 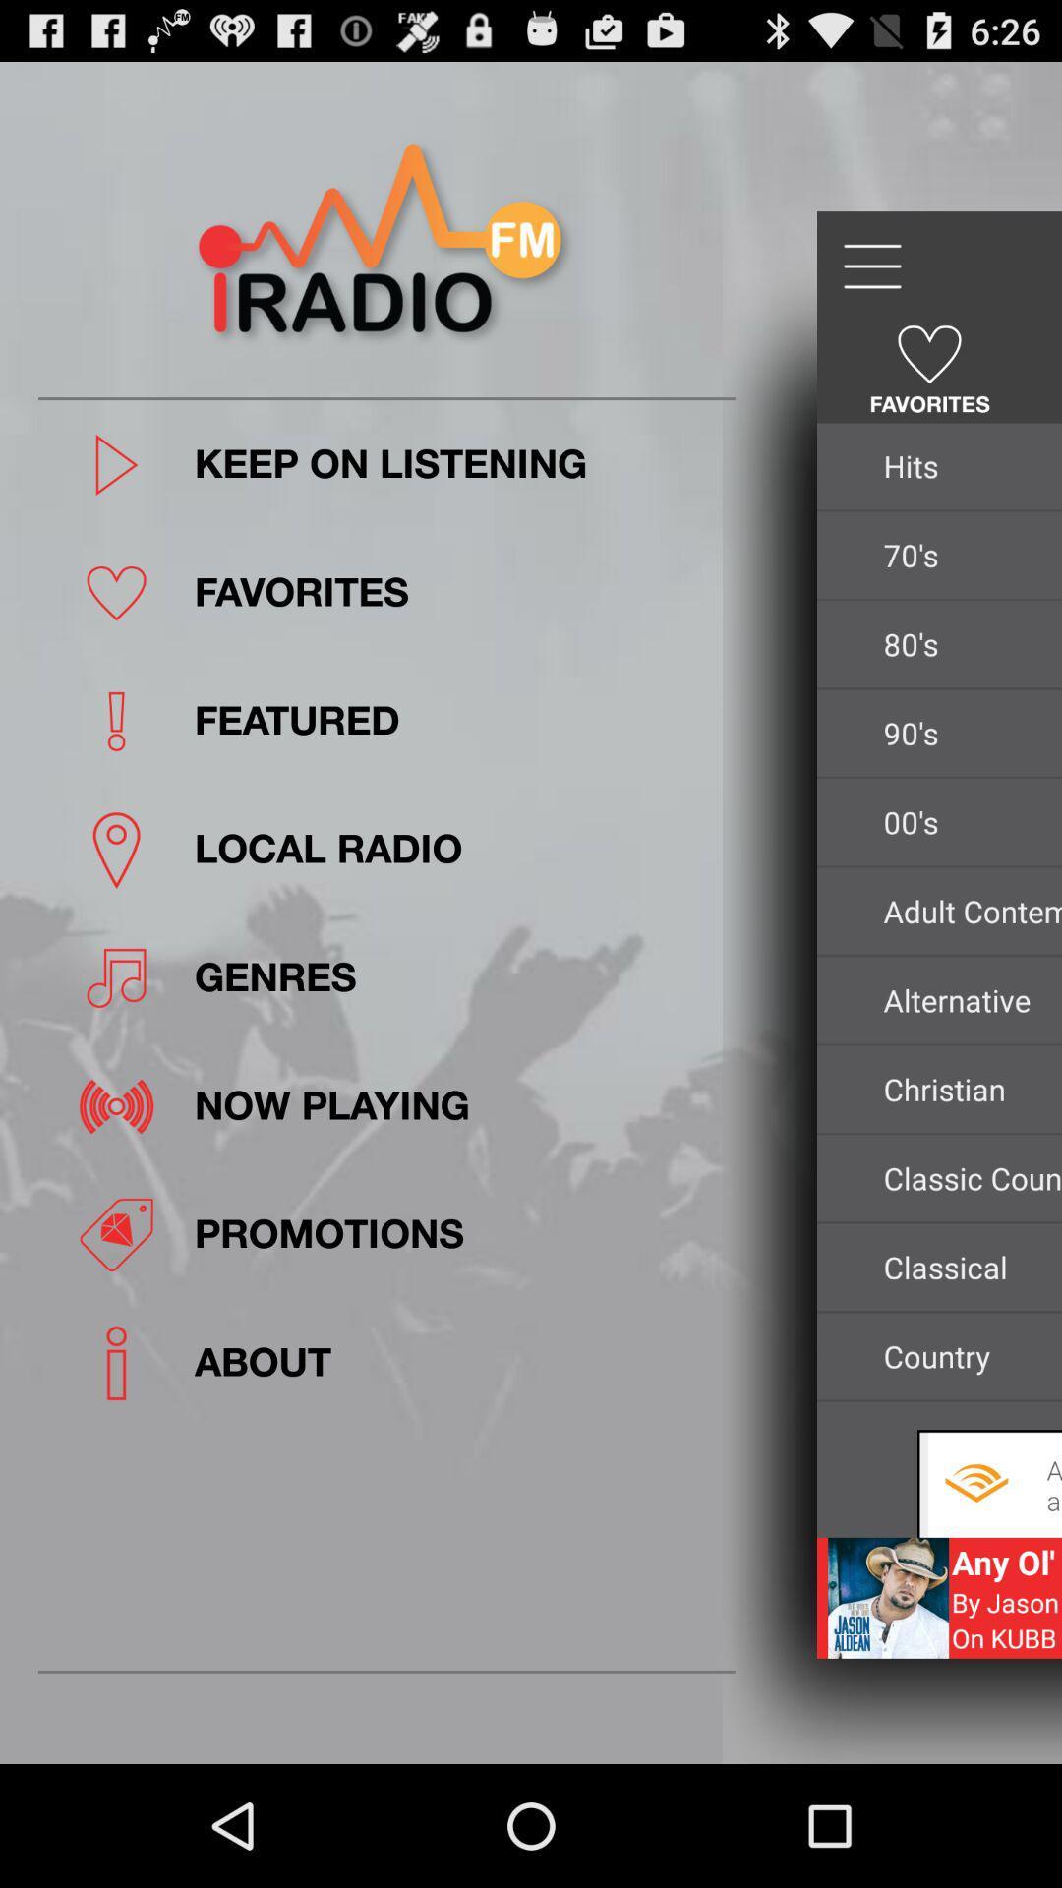 What do you see at coordinates (966, 1267) in the screenshot?
I see `app below classic country icon` at bounding box center [966, 1267].